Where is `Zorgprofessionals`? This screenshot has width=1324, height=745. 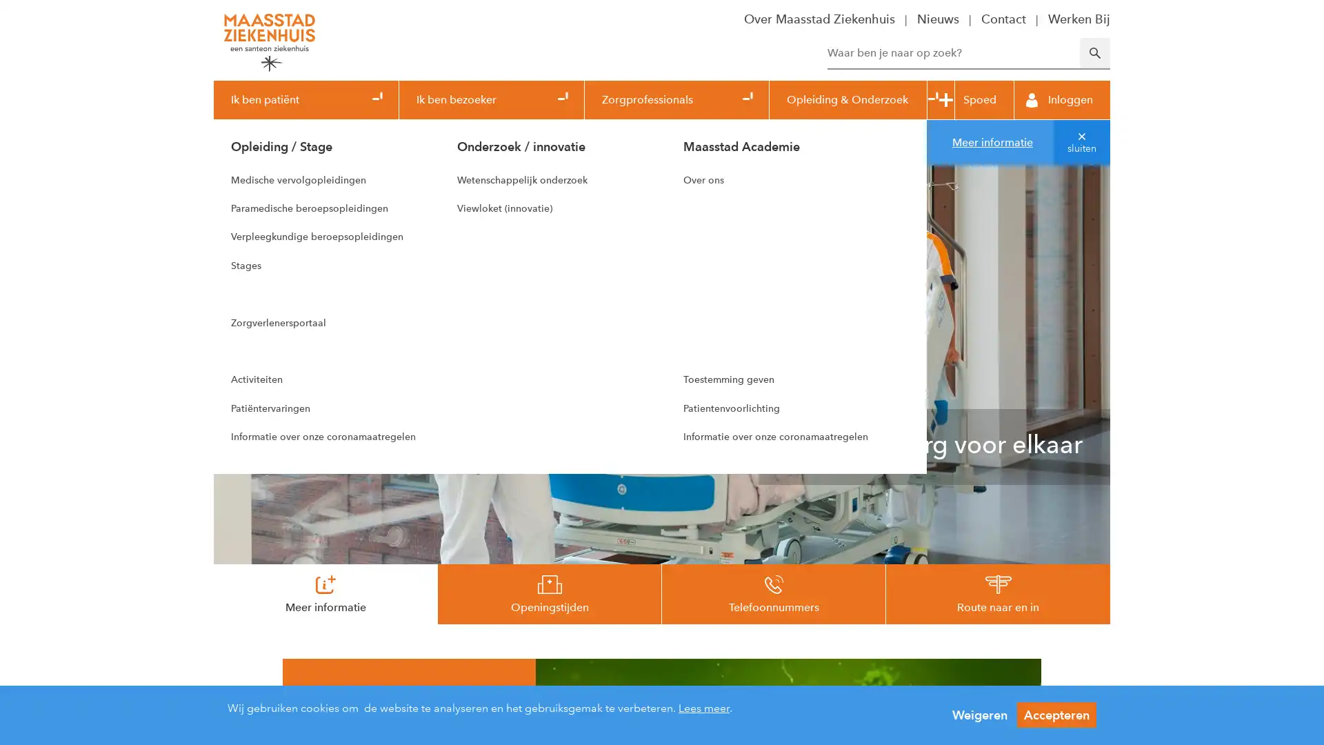 Zorgprofessionals is located at coordinates (676, 99).